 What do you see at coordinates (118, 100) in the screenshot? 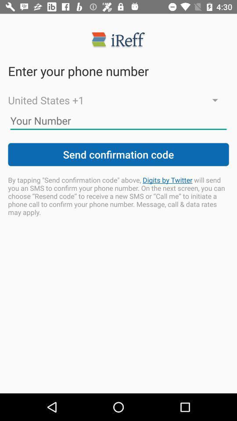
I see `united states +1 icon` at bounding box center [118, 100].